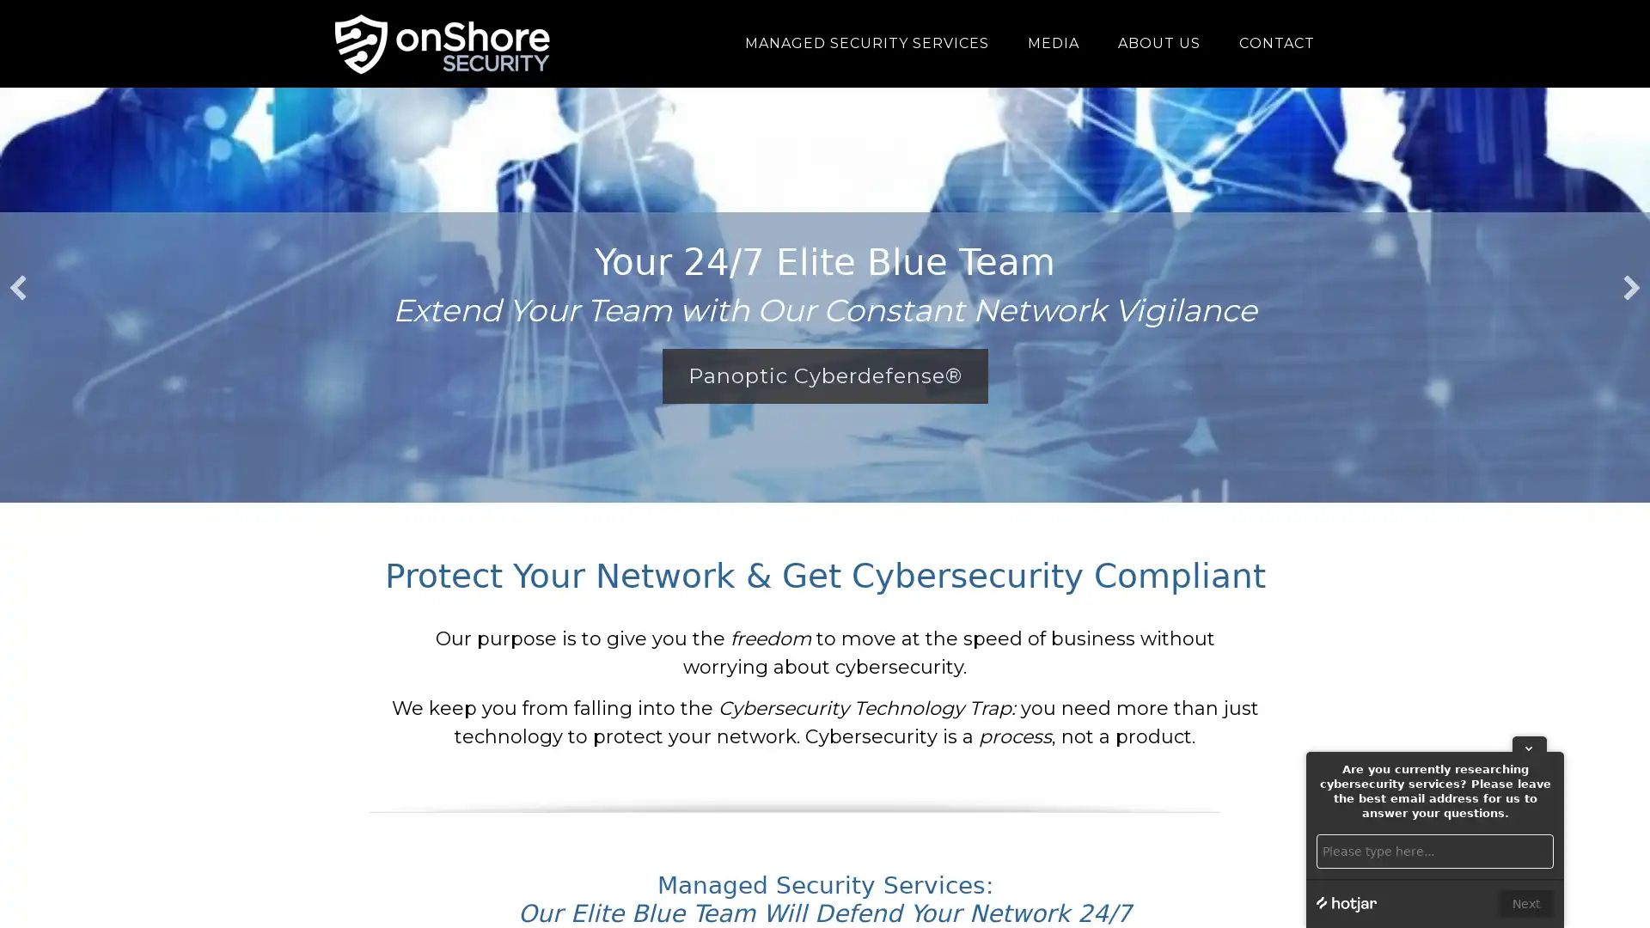 The image size is (1650, 928). What do you see at coordinates (1526, 903) in the screenshot?
I see `Next` at bounding box center [1526, 903].